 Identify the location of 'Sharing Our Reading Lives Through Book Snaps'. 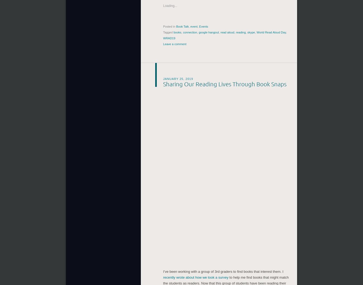
(224, 83).